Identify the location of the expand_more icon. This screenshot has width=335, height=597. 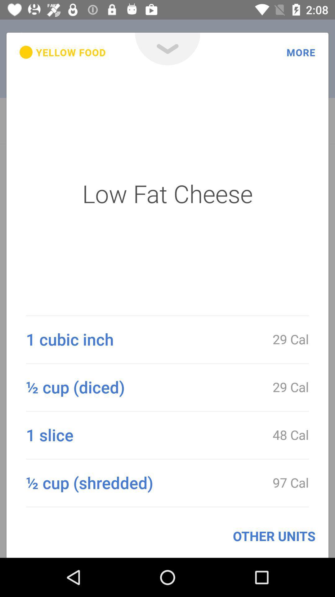
(167, 49).